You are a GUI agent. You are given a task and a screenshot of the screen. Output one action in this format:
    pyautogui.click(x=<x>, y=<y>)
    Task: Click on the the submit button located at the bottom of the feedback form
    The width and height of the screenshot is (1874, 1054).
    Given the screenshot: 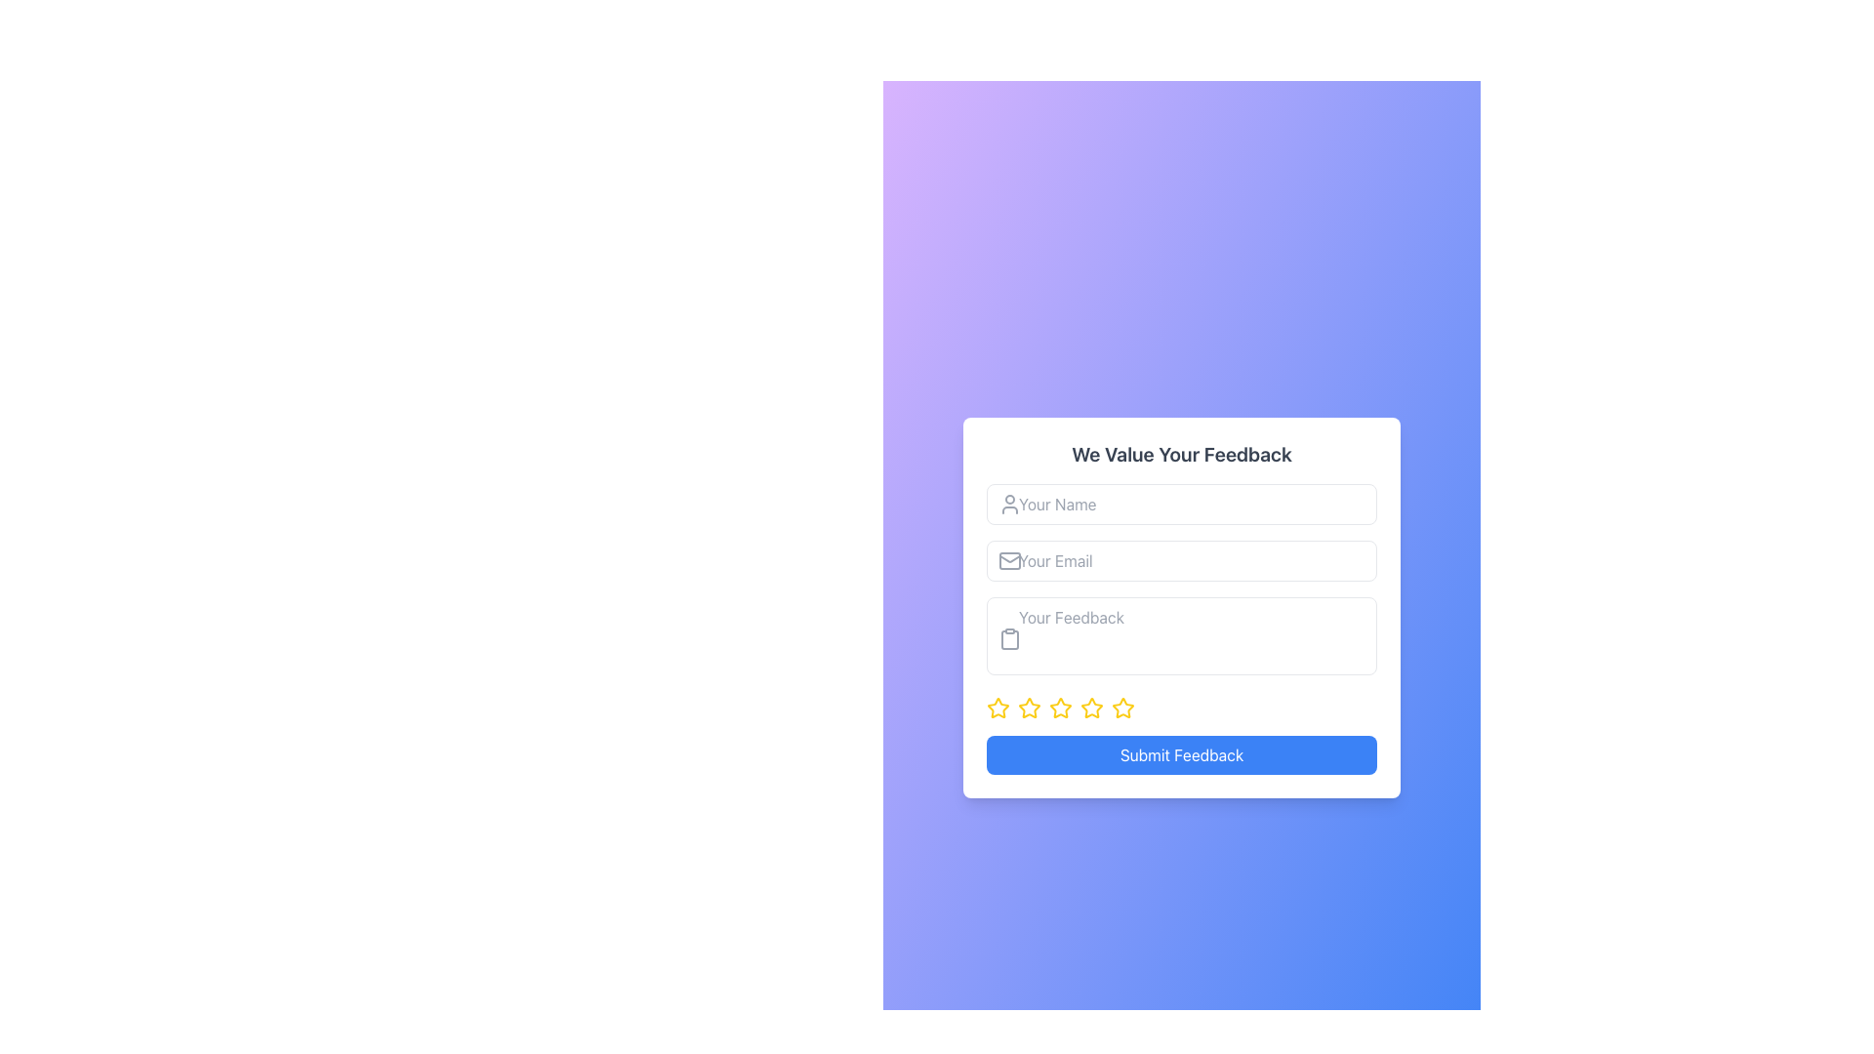 What is the action you would take?
    pyautogui.click(x=1180, y=754)
    